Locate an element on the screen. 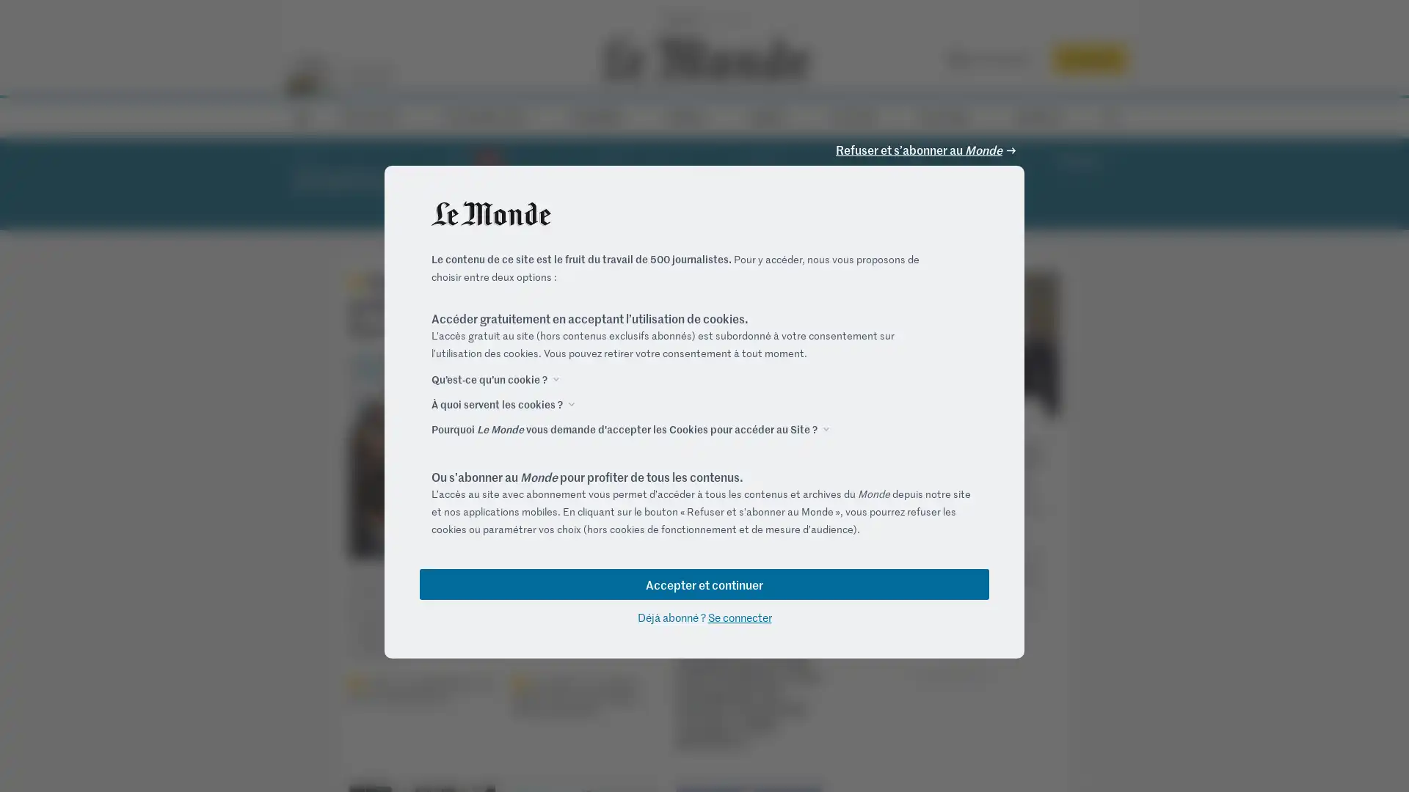 The image size is (1409, 792). Pourquoi Le Monde vous demande d'accepter les Cookies pour acceder au Site ? is located at coordinates (624, 429).